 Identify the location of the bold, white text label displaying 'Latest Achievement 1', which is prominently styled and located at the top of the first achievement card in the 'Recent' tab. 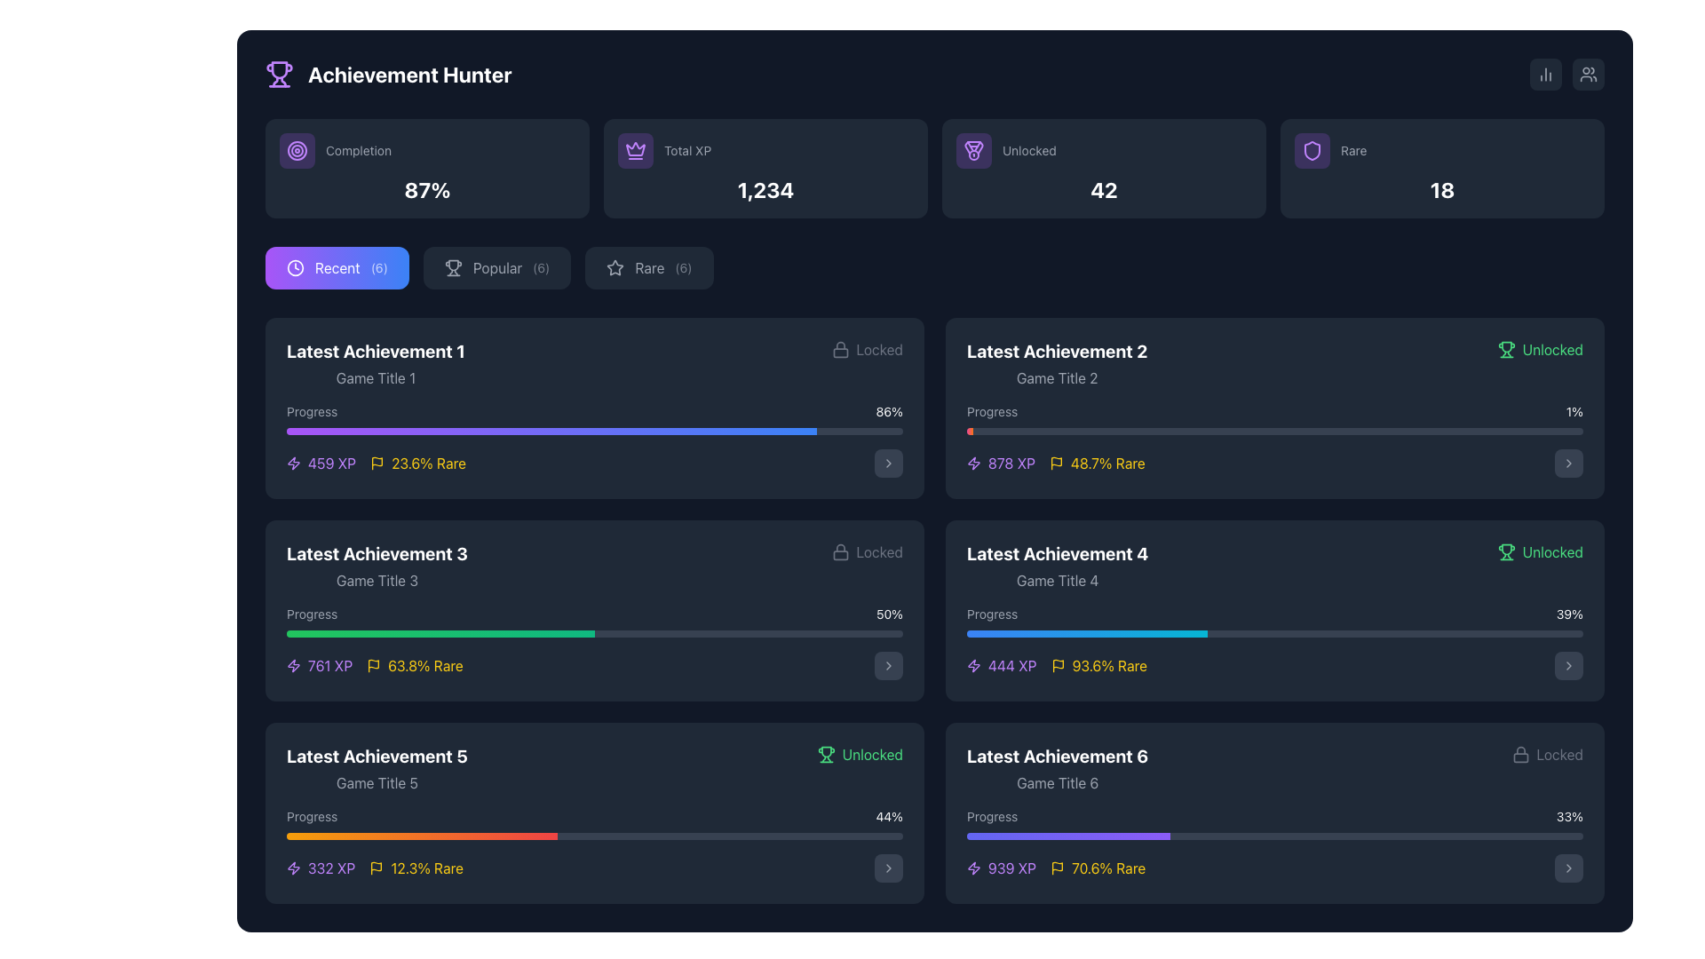
(375, 352).